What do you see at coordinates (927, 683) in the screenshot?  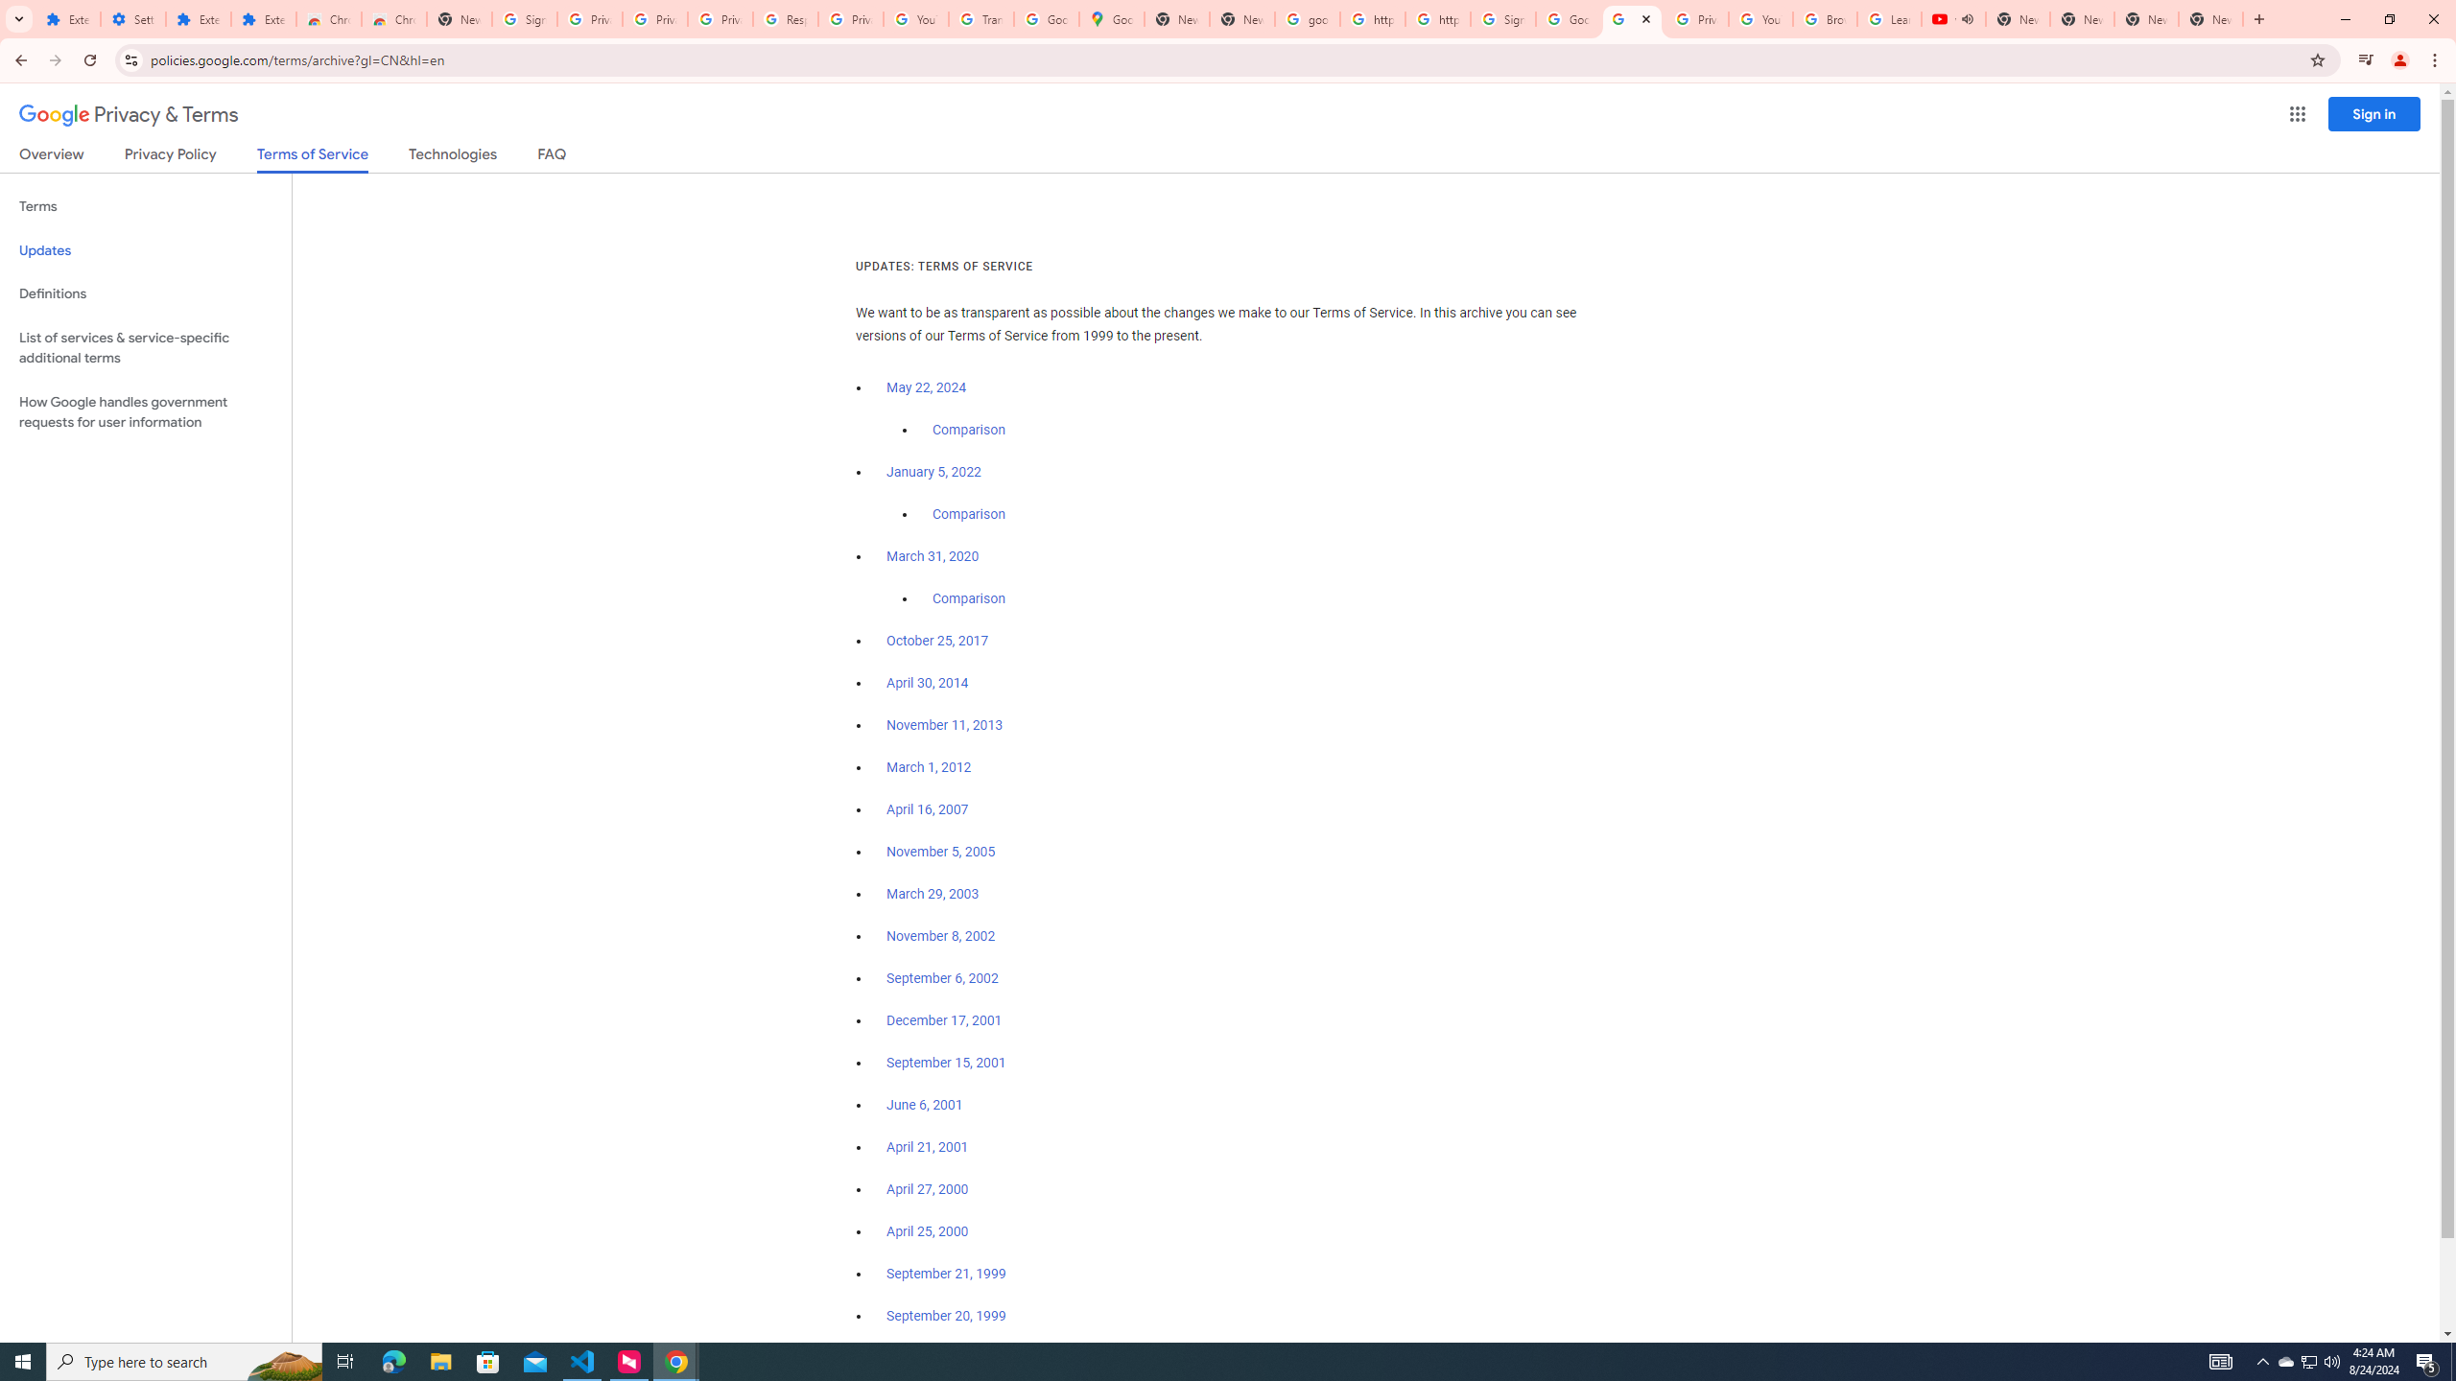 I see `'April 30, 2014'` at bounding box center [927, 683].